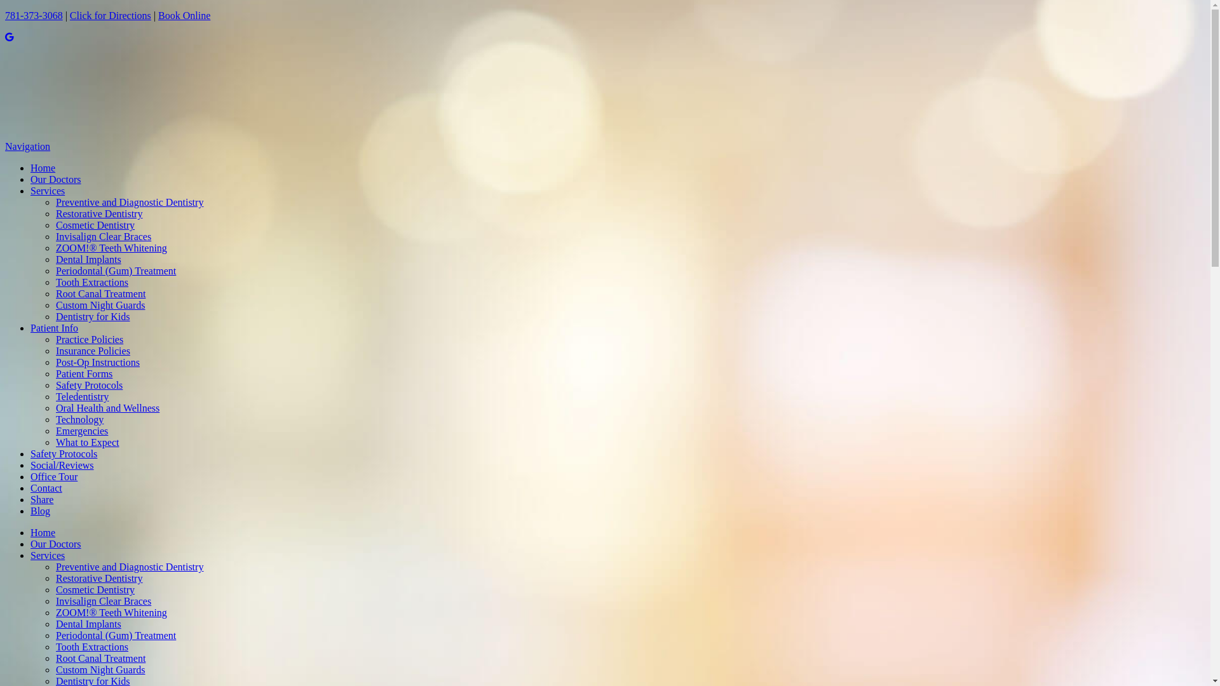  Describe the element at coordinates (94, 224) in the screenshot. I see `'Cosmetic Dentistry'` at that location.